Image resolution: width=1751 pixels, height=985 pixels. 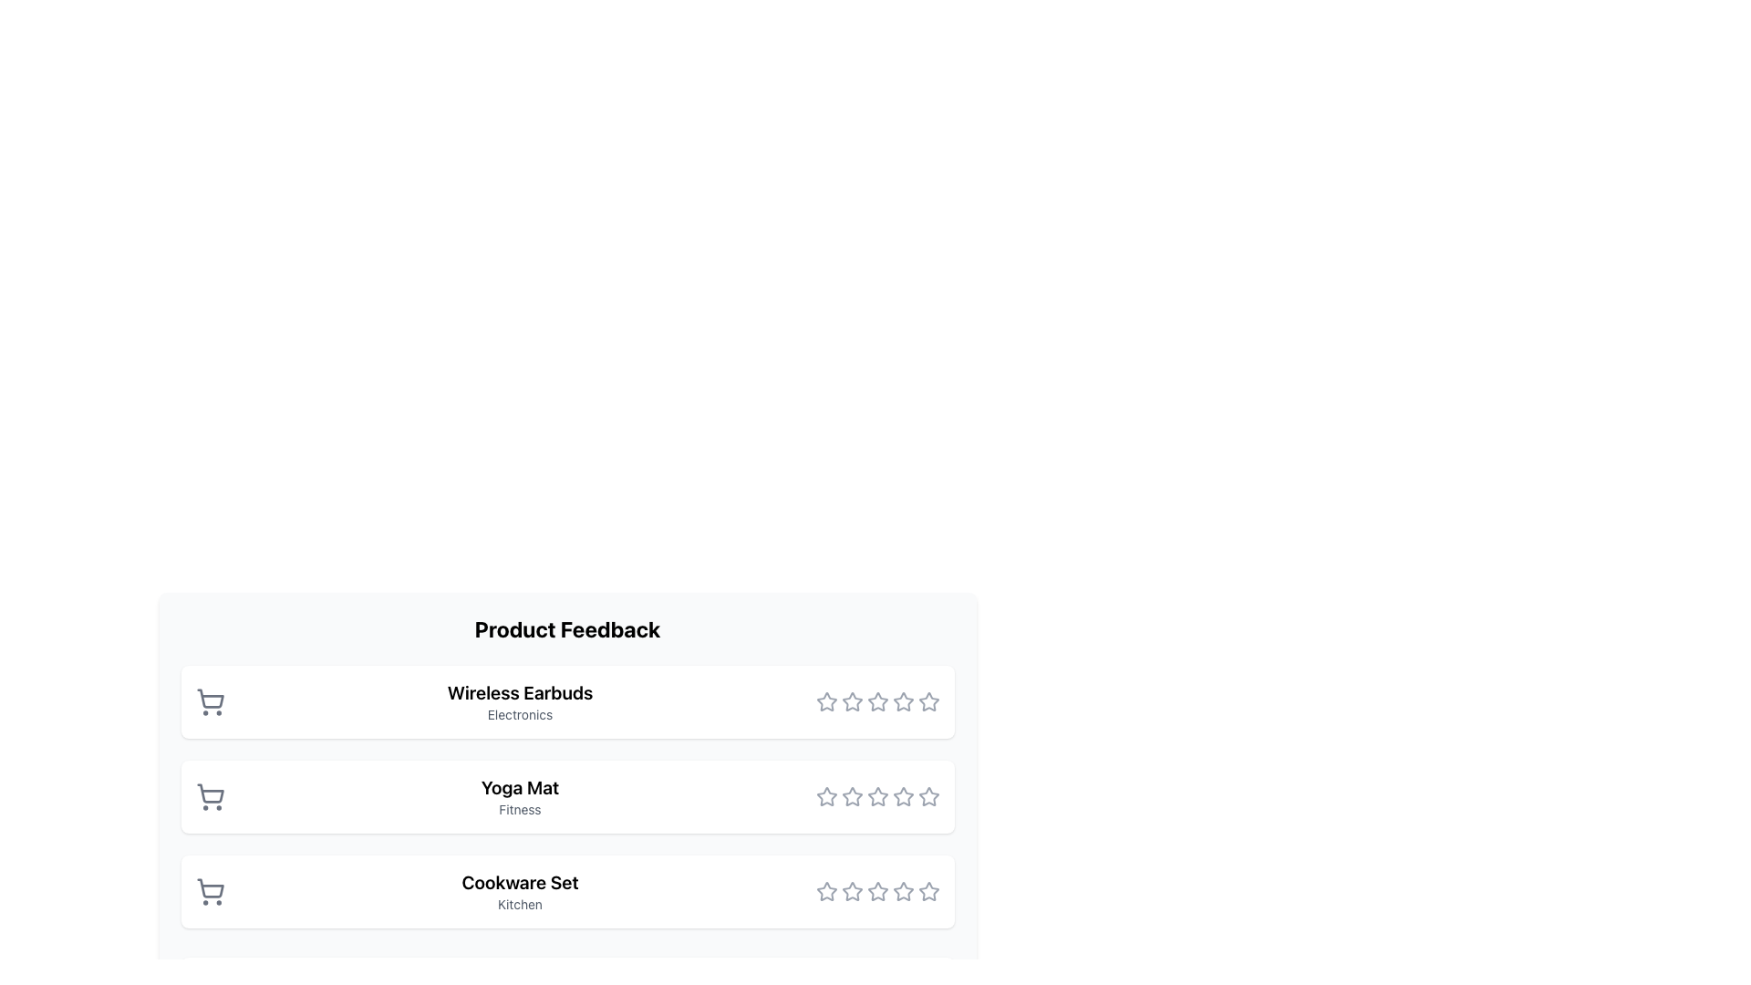 I want to click on the fifth star icon in the 'Cookware Set' product feedback section, so click(x=903, y=890).